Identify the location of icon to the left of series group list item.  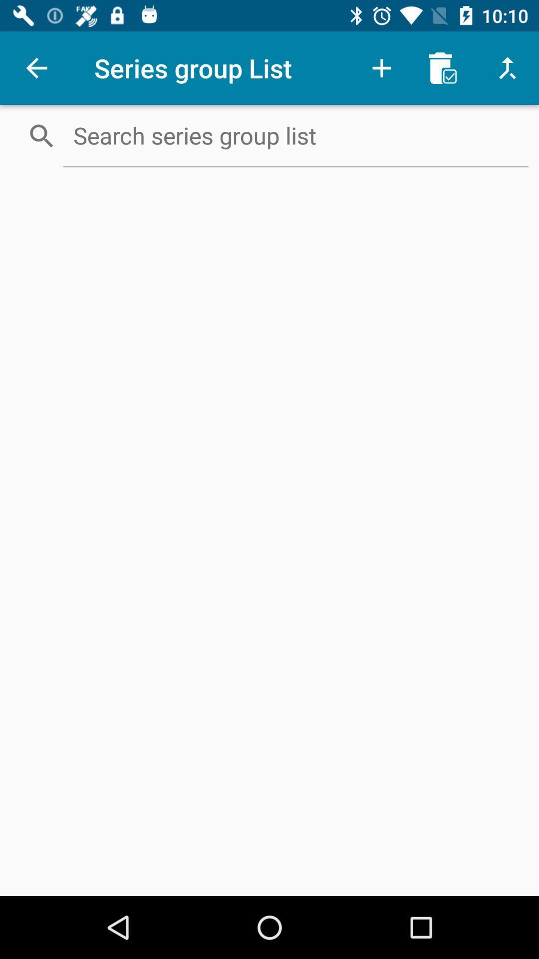
(36, 67).